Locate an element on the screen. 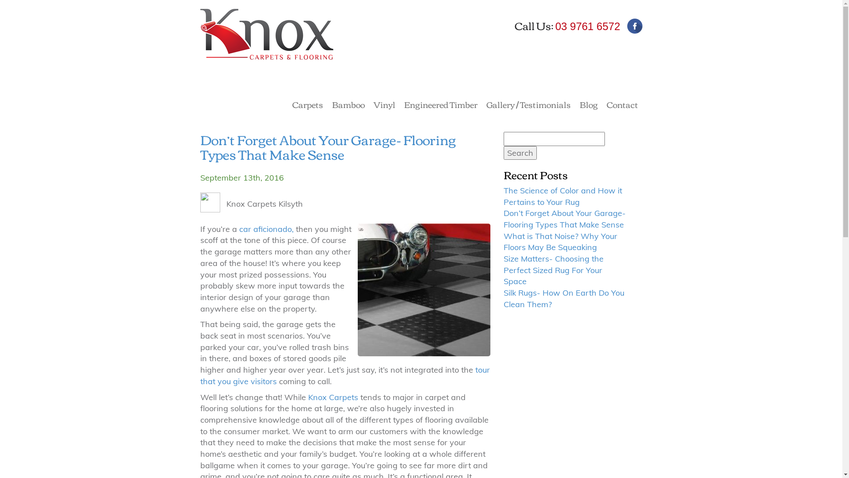 The height and width of the screenshot is (478, 849). 'car aficionado,' is located at coordinates (265, 228).